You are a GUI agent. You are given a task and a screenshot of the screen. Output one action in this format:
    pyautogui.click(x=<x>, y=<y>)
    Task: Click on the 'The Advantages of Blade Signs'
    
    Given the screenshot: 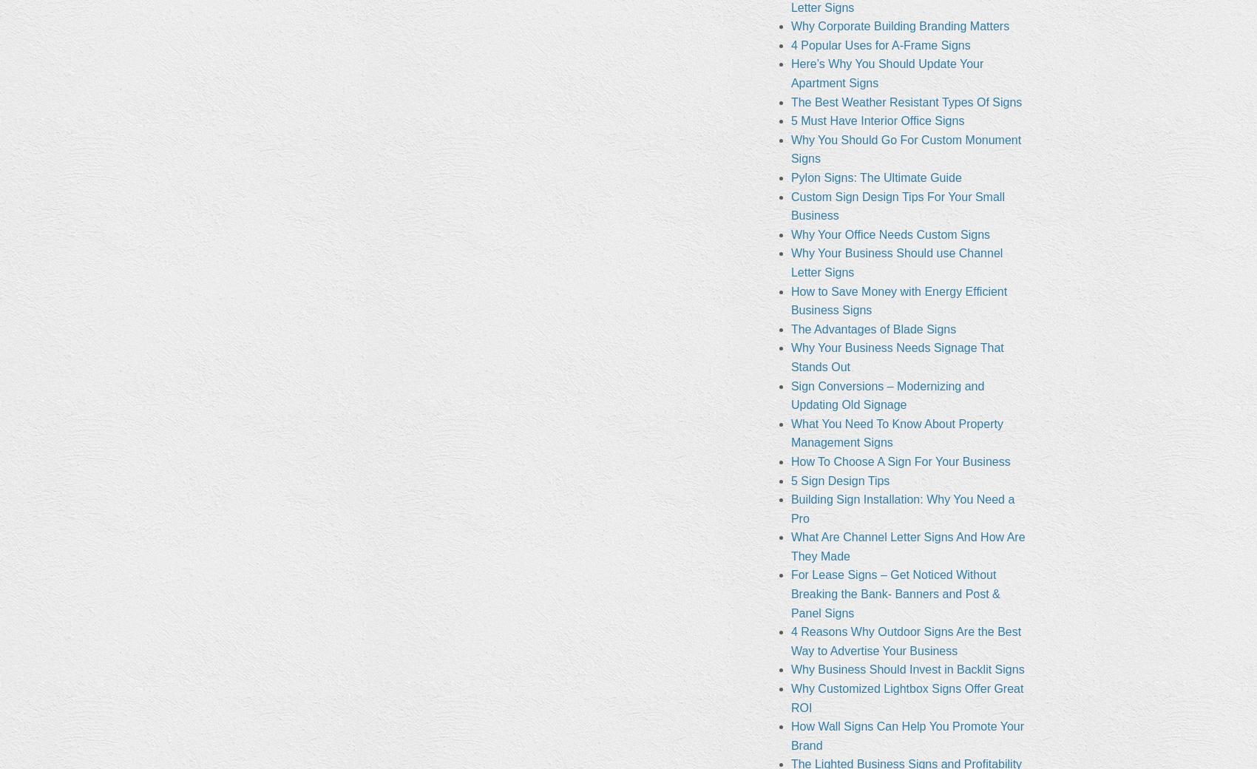 What is the action you would take?
    pyautogui.click(x=790, y=328)
    